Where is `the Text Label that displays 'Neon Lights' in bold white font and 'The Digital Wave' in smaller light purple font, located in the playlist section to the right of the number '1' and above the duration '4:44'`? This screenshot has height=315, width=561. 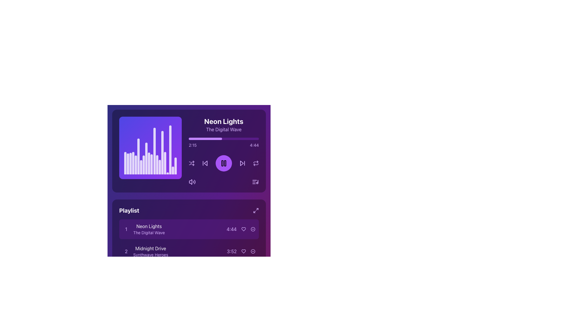 the Text Label that displays 'Neon Lights' in bold white font and 'The Digital Wave' in smaller light purple font, located in the playlist section to the right of the number '1' and above the duration '4:44' is located at coordinates (149, 229).